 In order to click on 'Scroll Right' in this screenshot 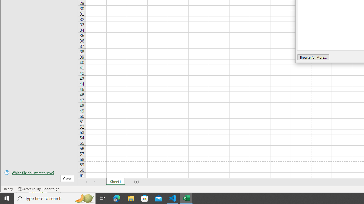, I will do `click(94, 182)`.